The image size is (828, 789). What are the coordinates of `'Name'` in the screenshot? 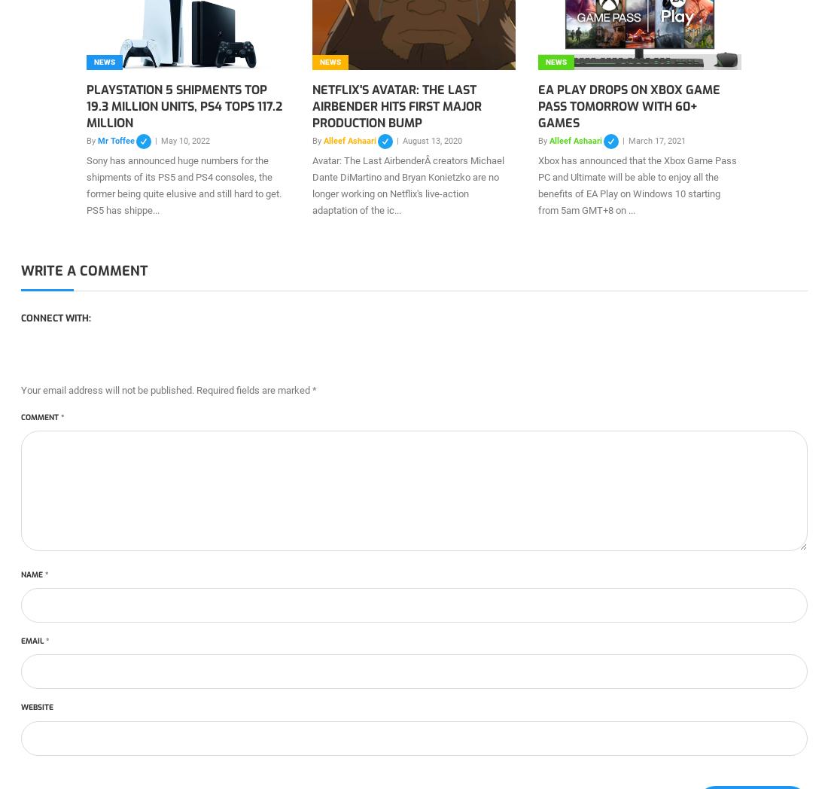 It's located at (32, 574).